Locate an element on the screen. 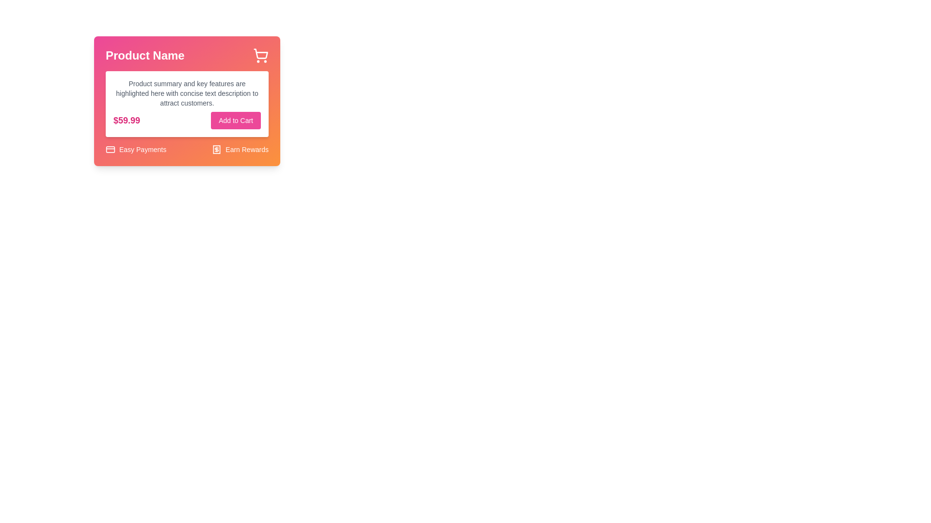 Image resolution: width=931 pixels, height=523 pixels. the Text Label displaying 'Product Name' in a large, bold, white font against a bright pink background located at the top-left corner of a card component is located at coordinates (144, 56).